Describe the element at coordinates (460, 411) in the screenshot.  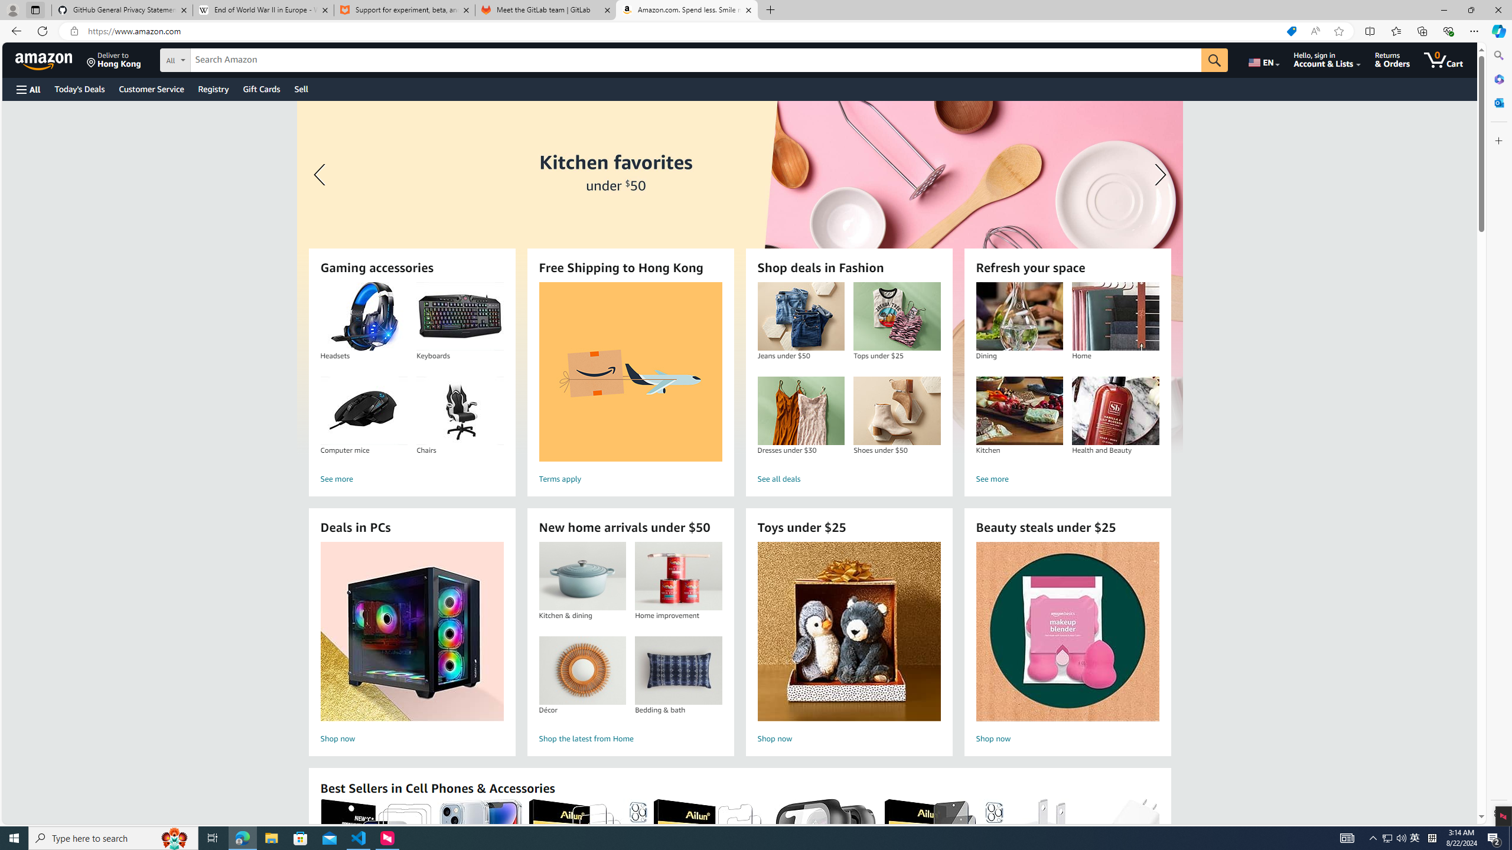
I see `'Chairs'` at that location.